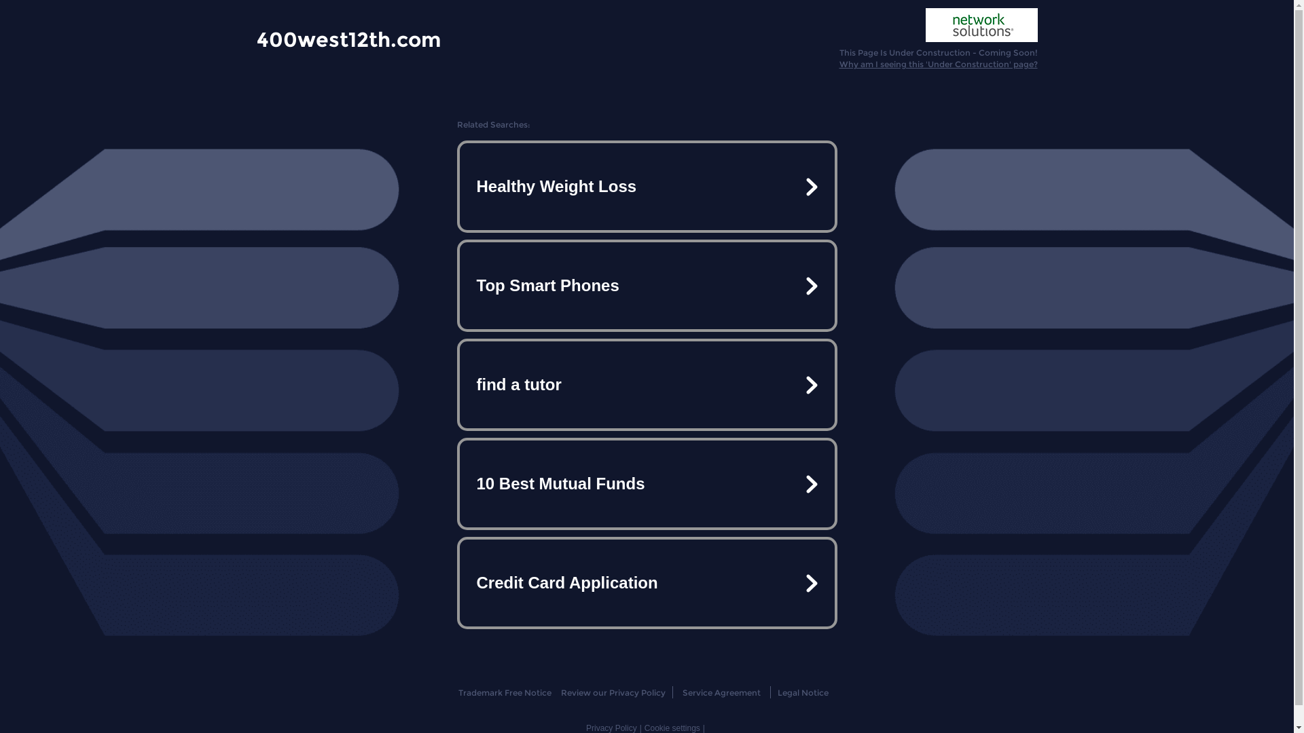 Image resolution: width=1304 pixels, height=733 pixels. I want to click on 'Trademark Free Notice', so click(504, 692).